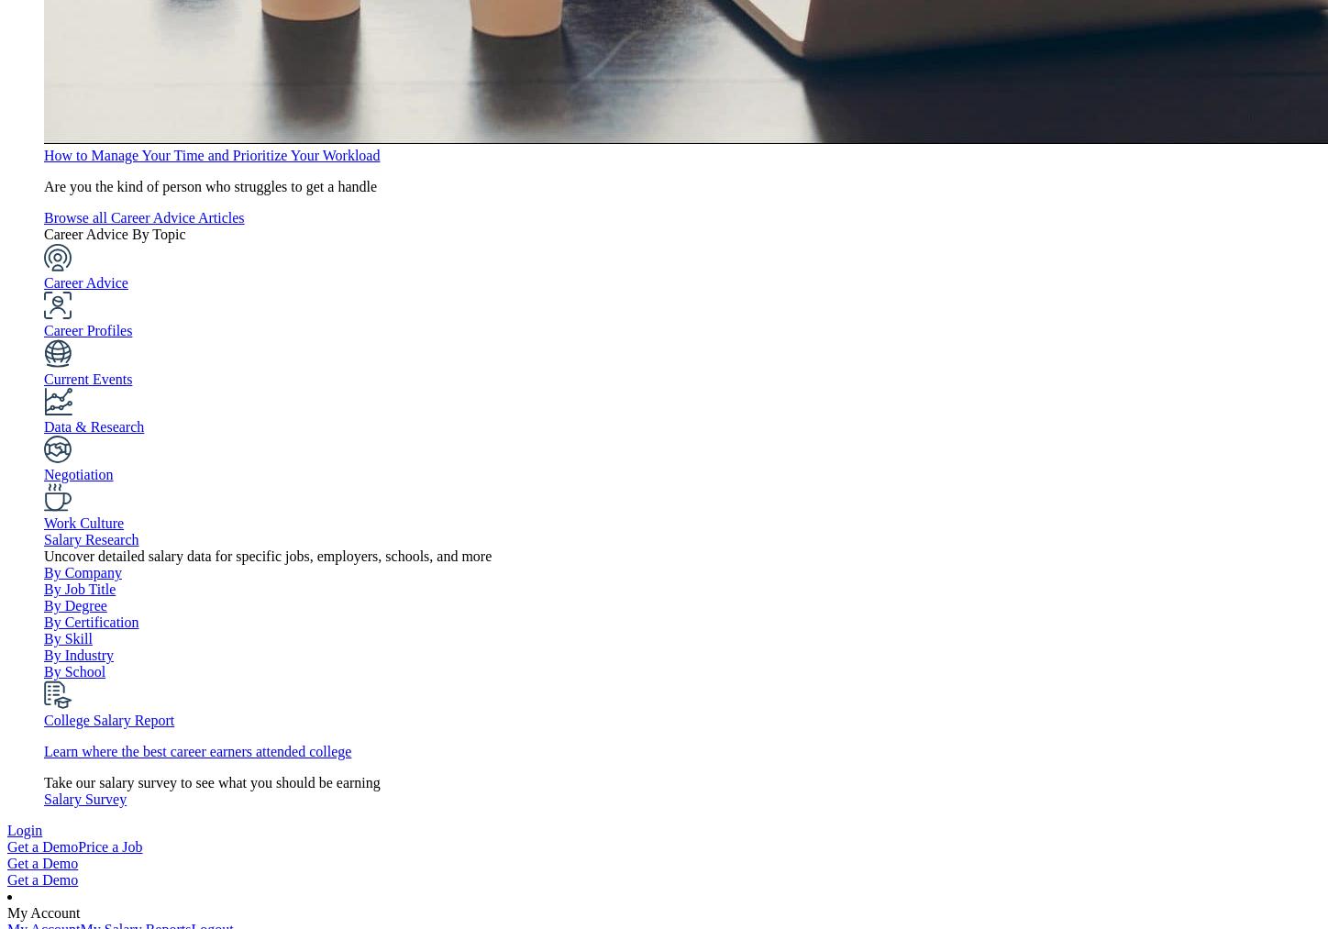 The image size is (1328, 929). What do you see at coordinates (83, 523) in the screenshot?
I see `'Work Culture'` at bounding box center [83, 523].